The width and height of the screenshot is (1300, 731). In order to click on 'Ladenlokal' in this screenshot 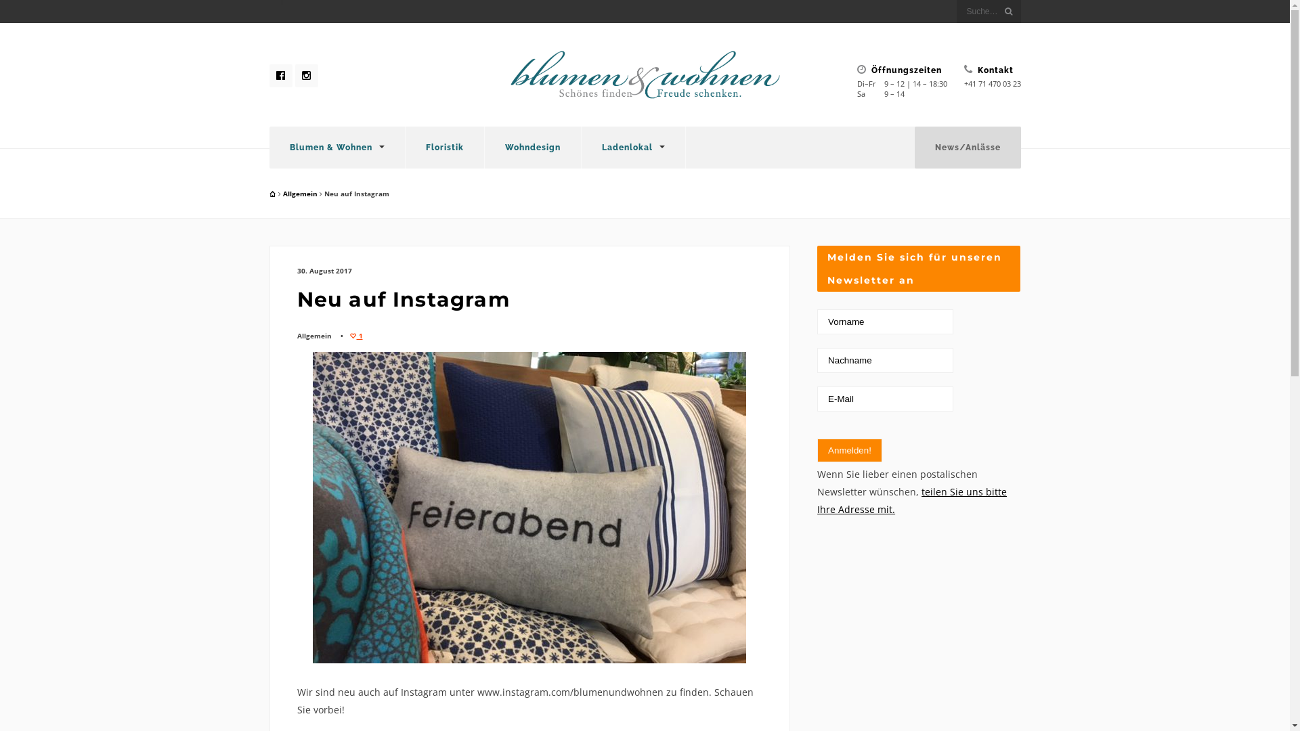, I will do `click(632, 148)`.